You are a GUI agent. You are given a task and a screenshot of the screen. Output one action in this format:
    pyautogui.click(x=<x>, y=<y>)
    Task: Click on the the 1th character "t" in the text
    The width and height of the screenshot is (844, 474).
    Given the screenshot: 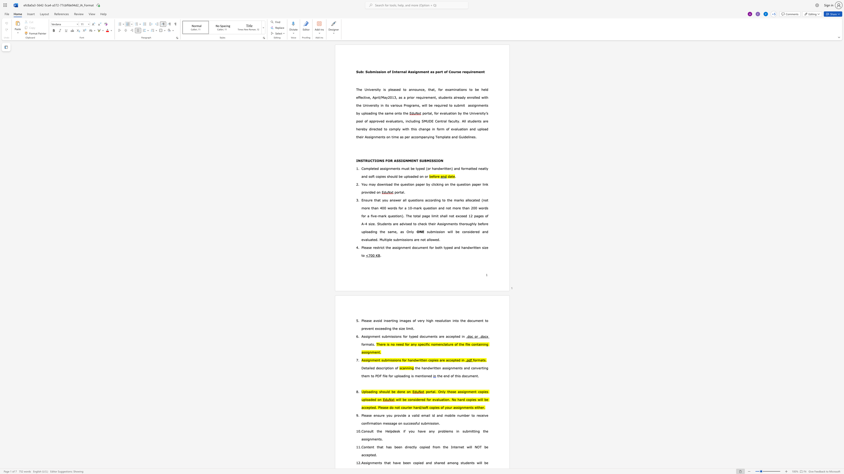 What is the action you would take?
    pyautogui.click(x=392, y=320)
    